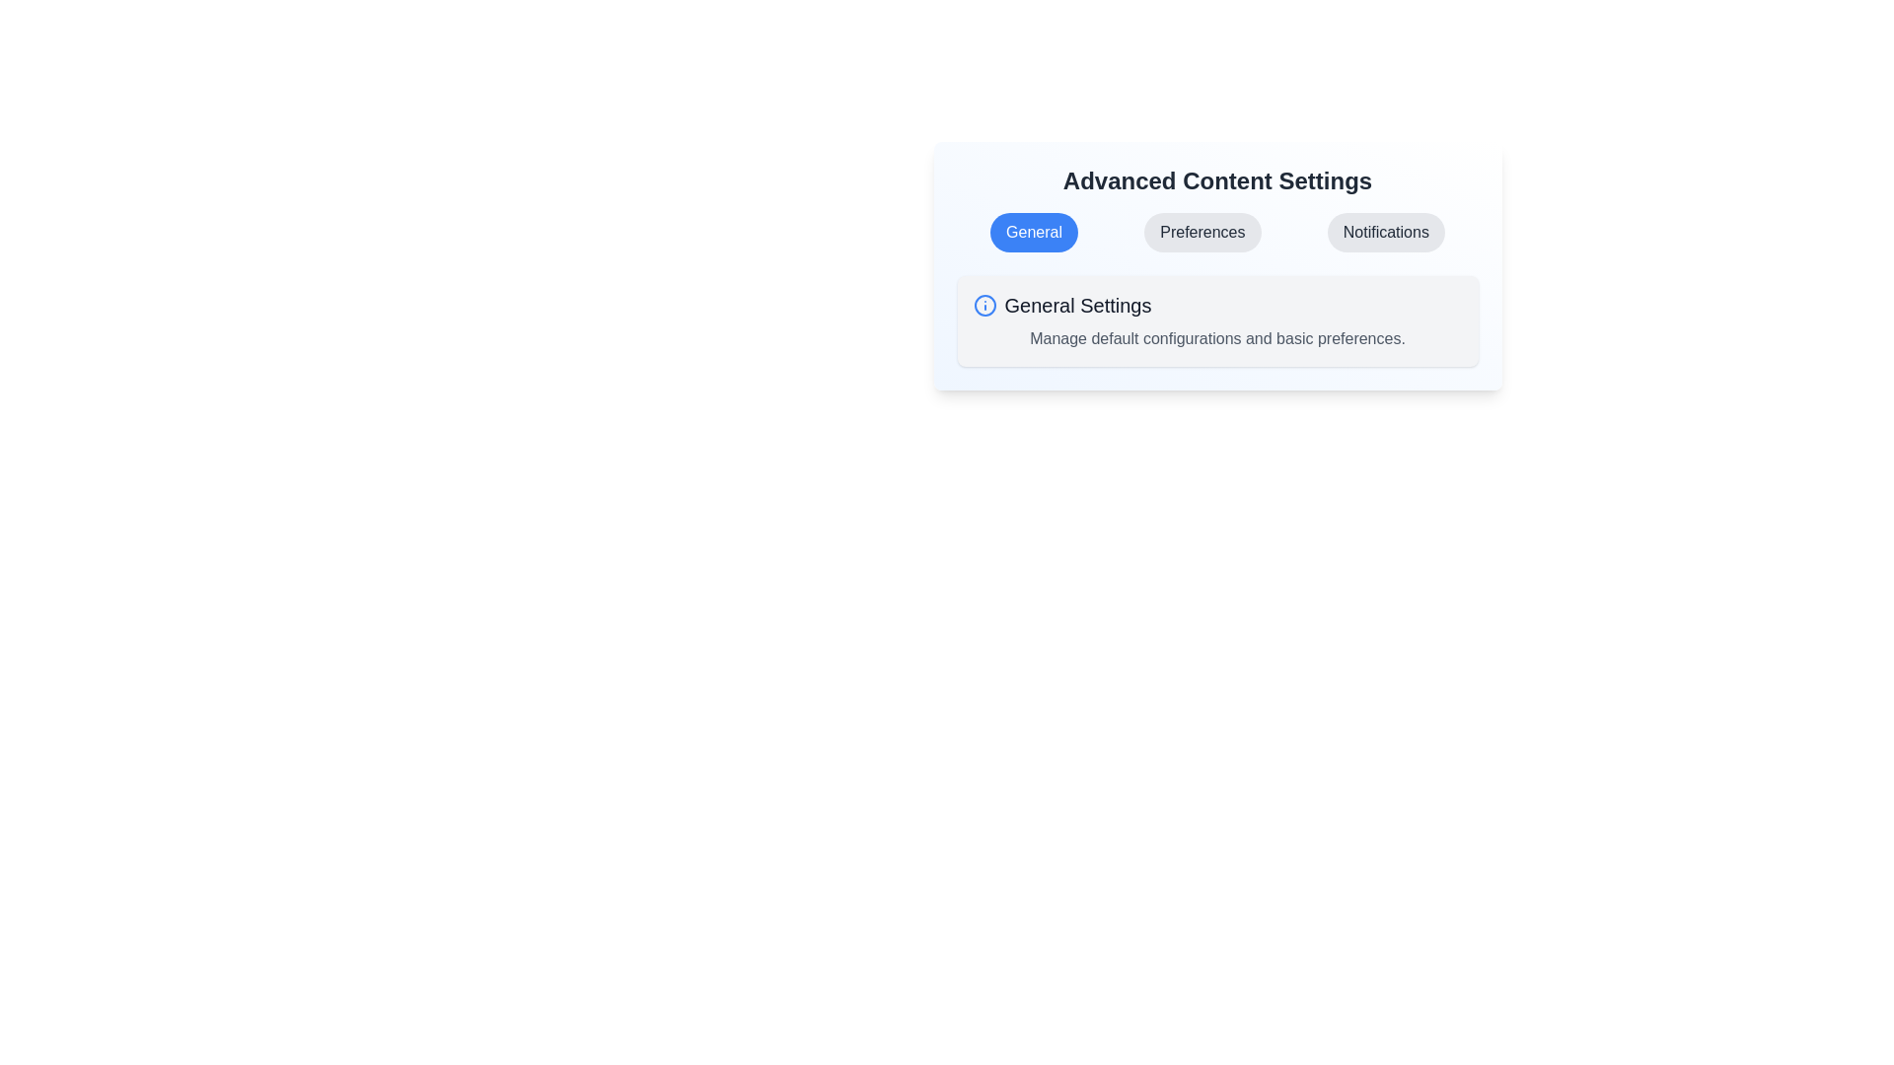 This screenshot has height=1065, width=1894. What do you see at coordinates (984, 305) in the screenshot?
I see `the informational icon located next to the 'General Settings' text under 'Advanced Content Settings'` at bounding box center [984, 305].